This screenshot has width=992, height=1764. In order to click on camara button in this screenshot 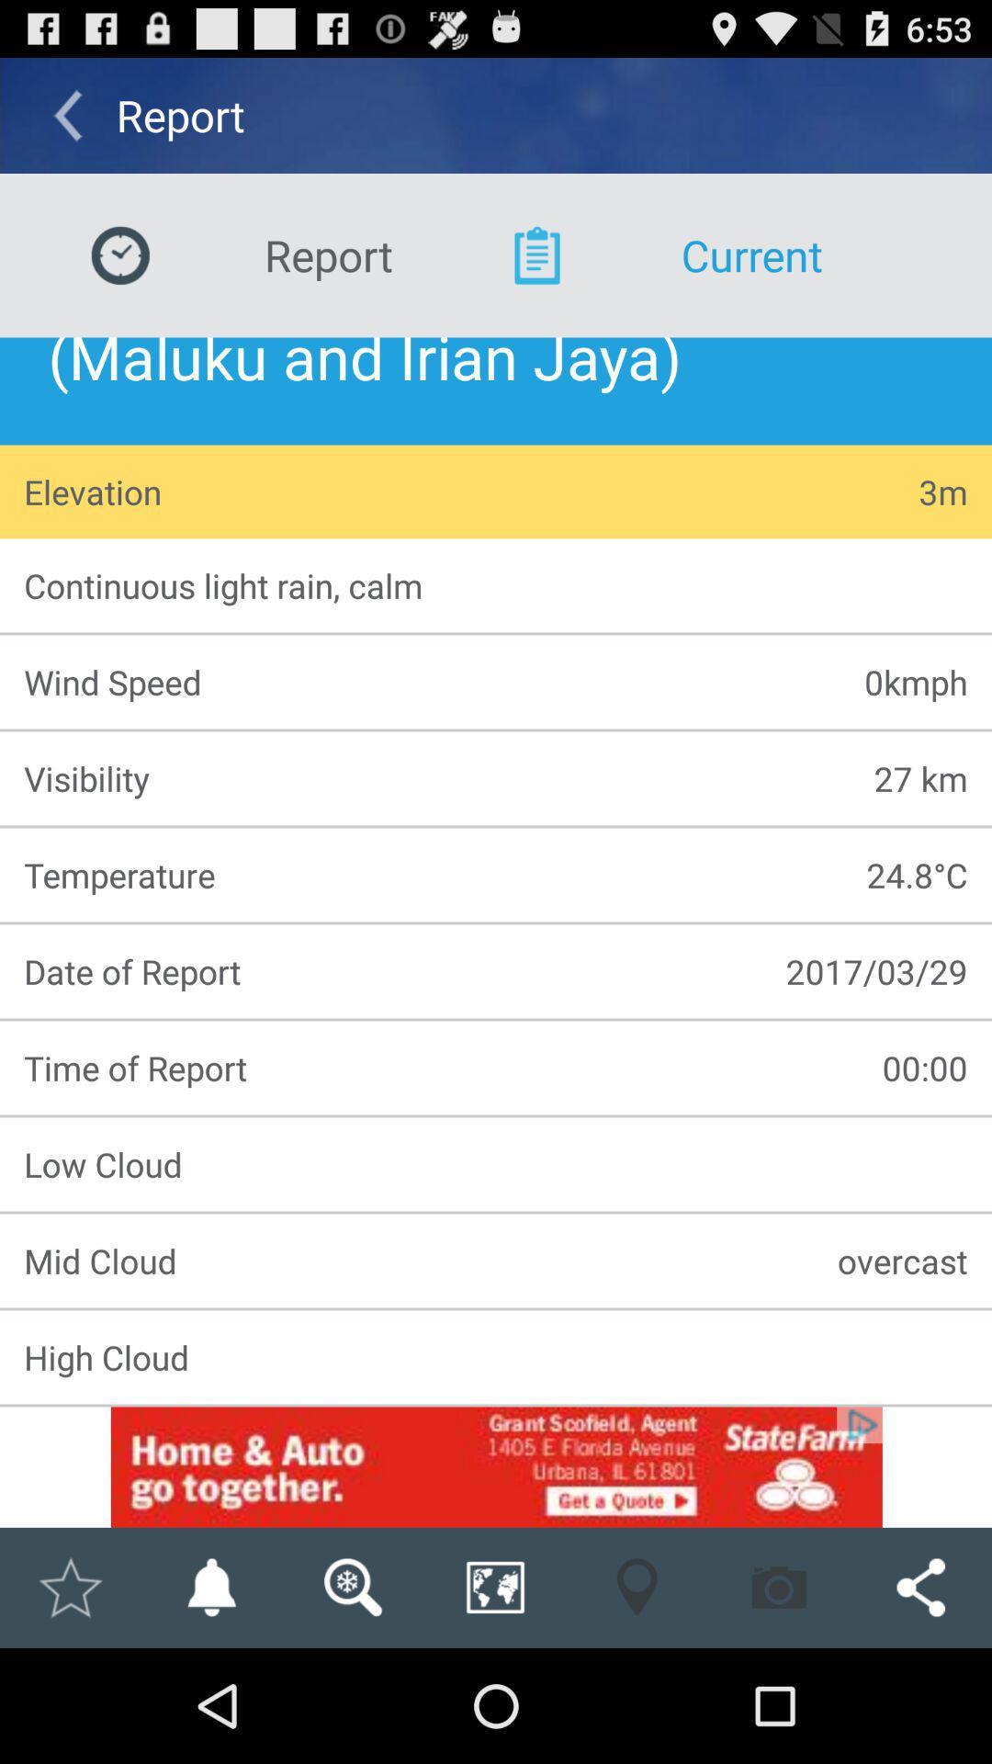, I will do `click(779, 1587)`.